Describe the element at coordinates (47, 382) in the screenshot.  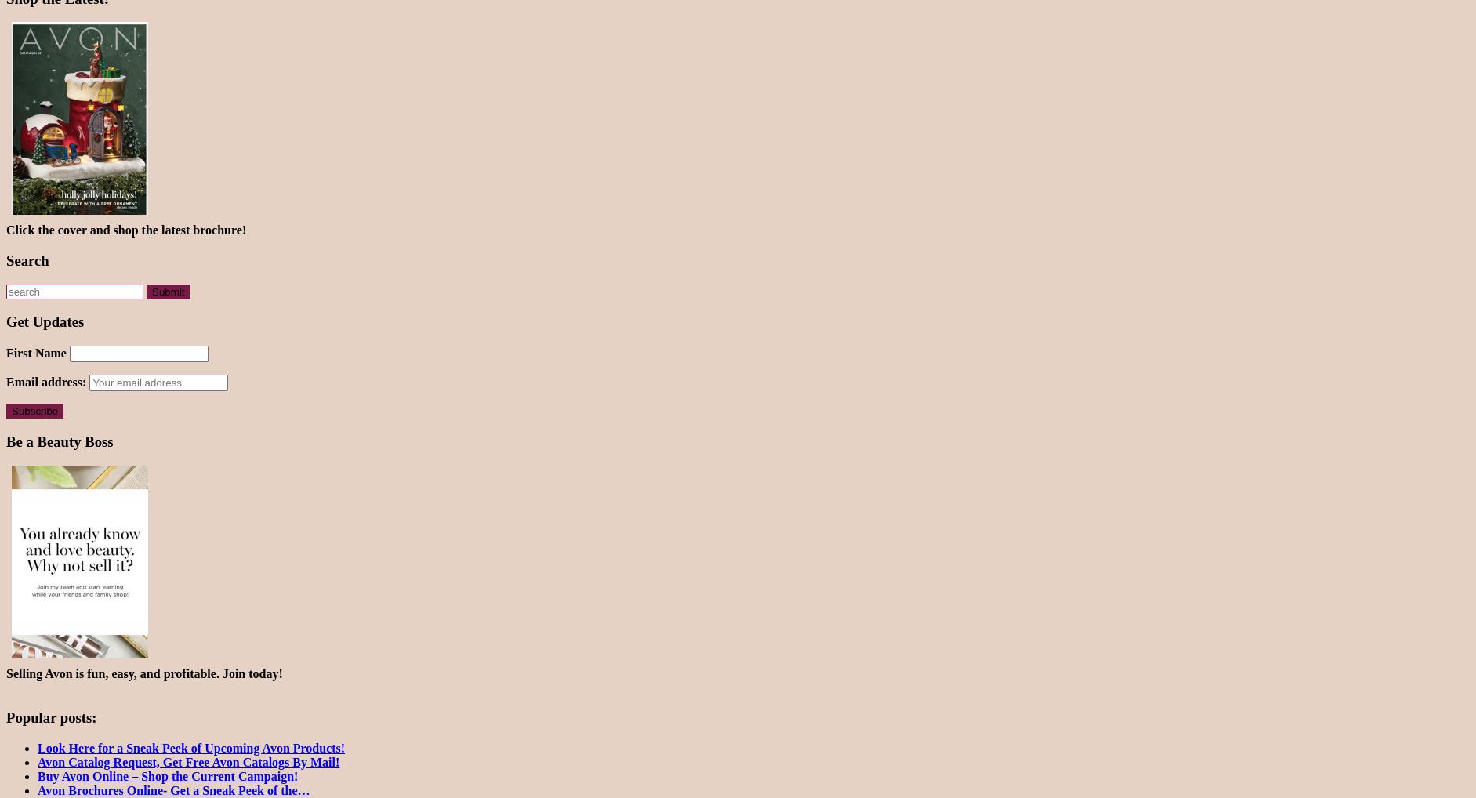
I see `'Email address:'` at that location.